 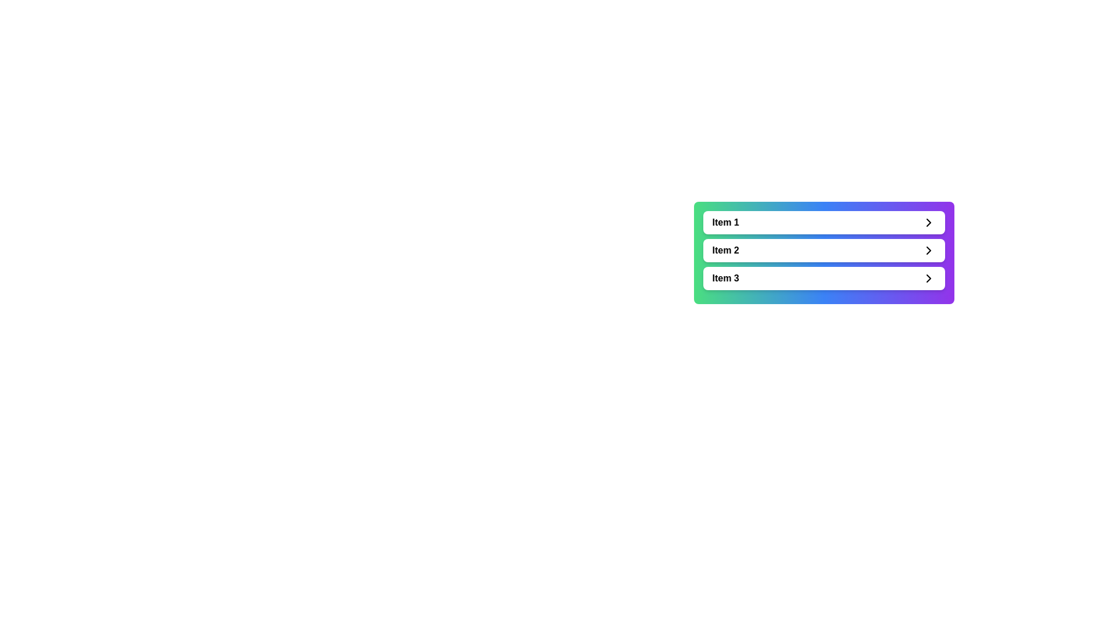 I want to click on text label displaying 'Item 2' which is part of a vertical list positioned on a gradient-colored background, so click(x=725, y=250).